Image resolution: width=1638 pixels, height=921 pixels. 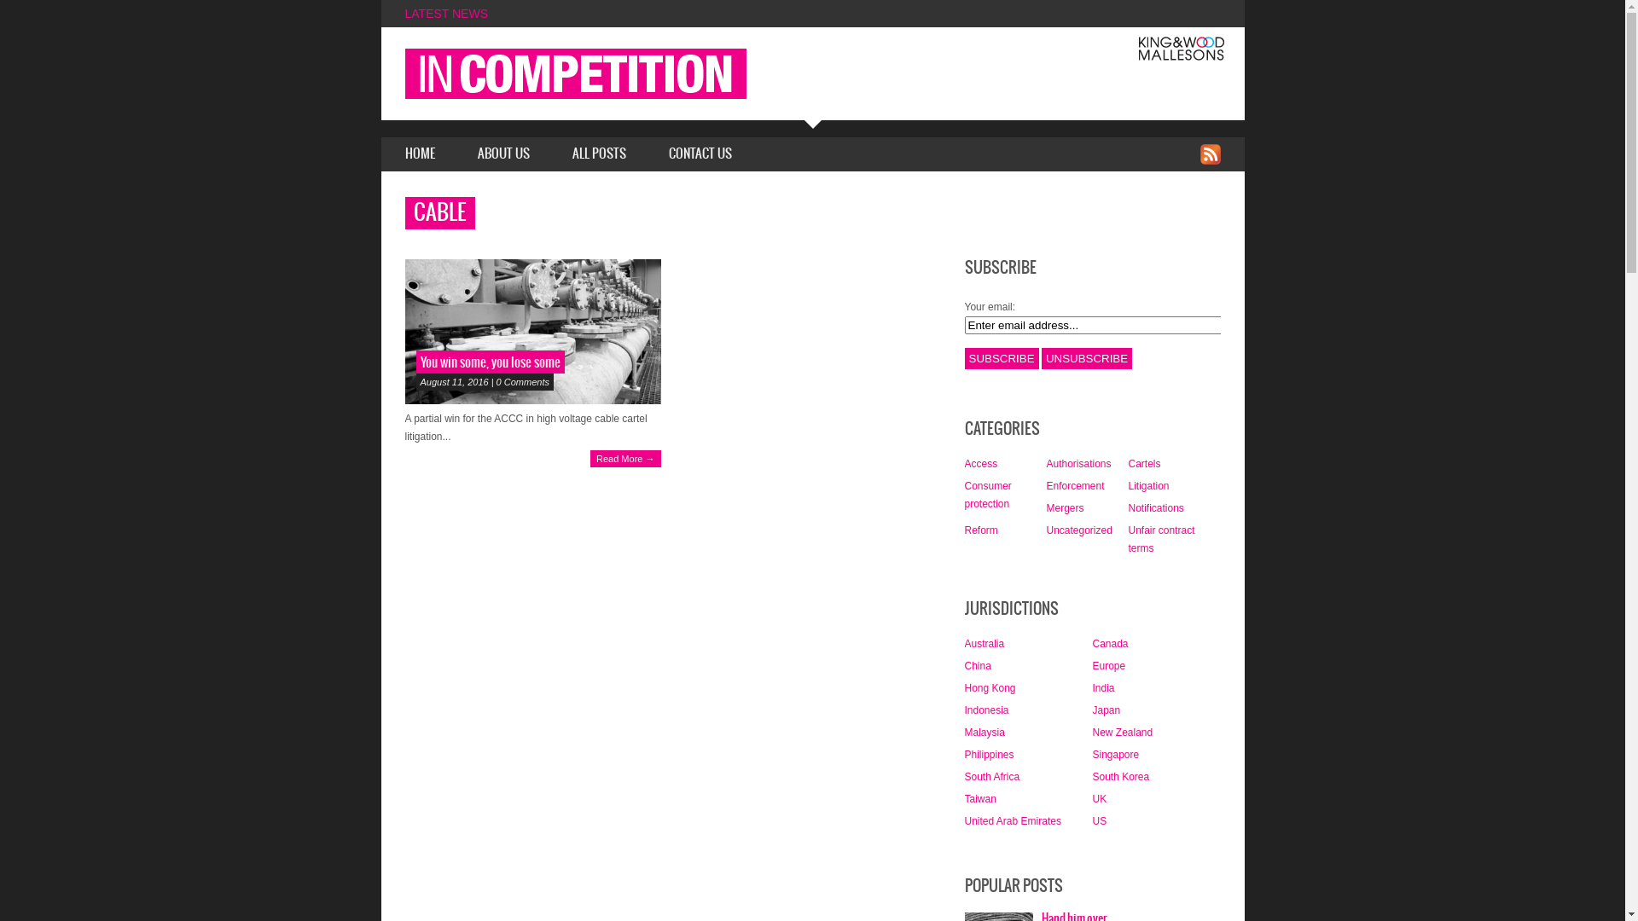 What do you see at coordinates (986, 710) in the screenshot?
I see `'Indonesia'` at bounding box center [986, 710].